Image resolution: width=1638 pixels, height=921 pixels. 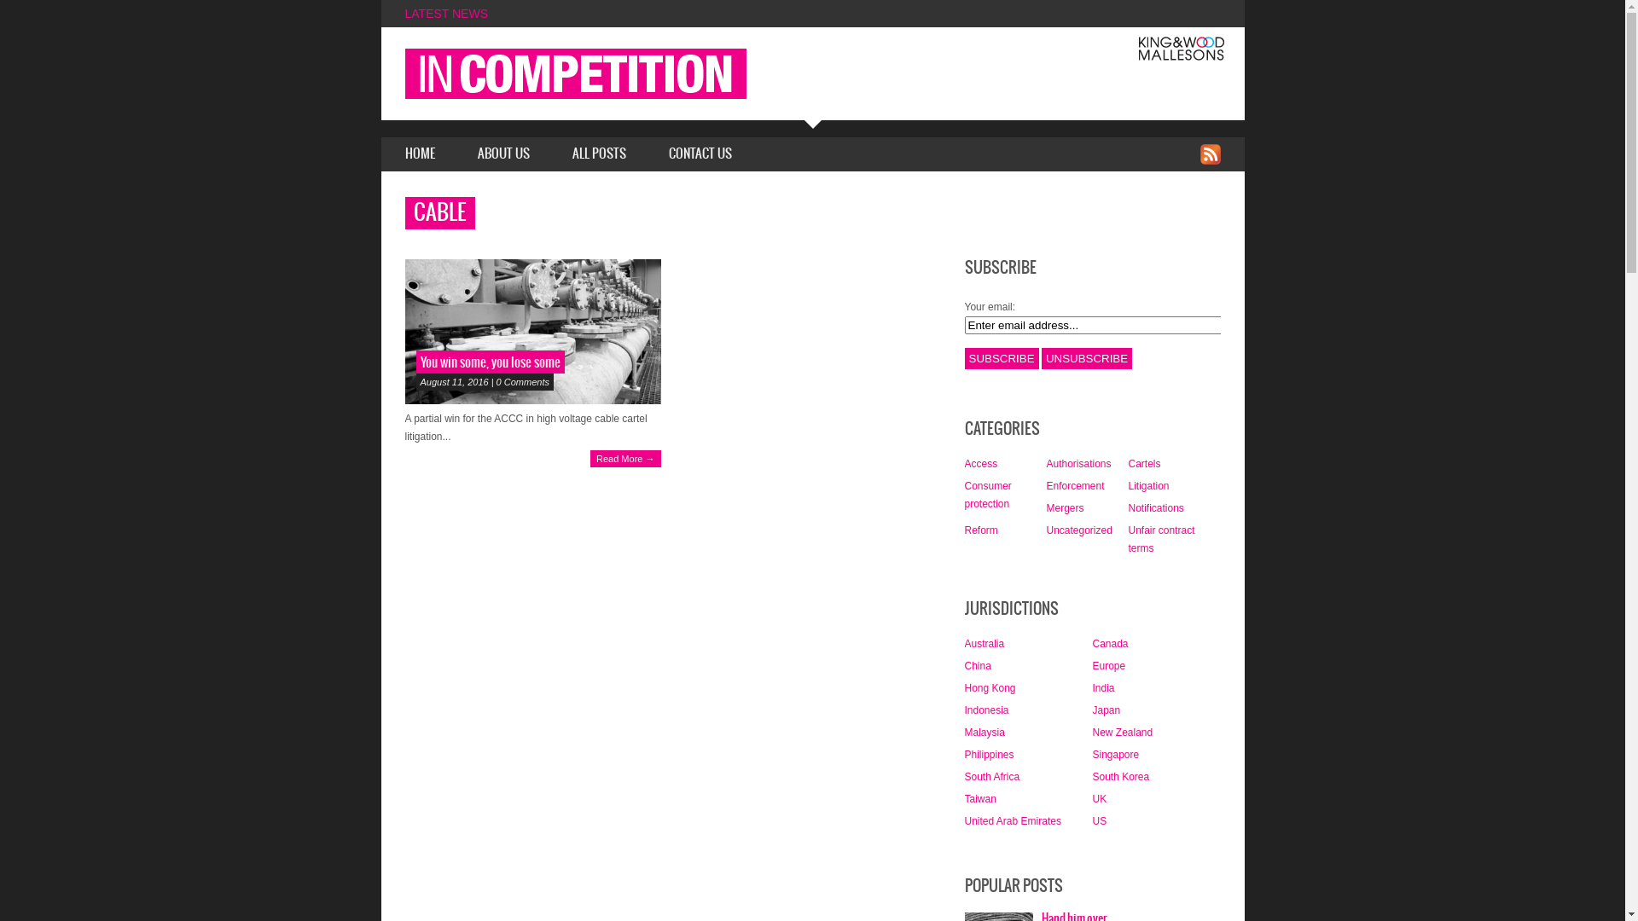 What do you see at coordinates (986, 710) in the screenshot?
I see `'Indonesia'` at bounding box center [986, 710].